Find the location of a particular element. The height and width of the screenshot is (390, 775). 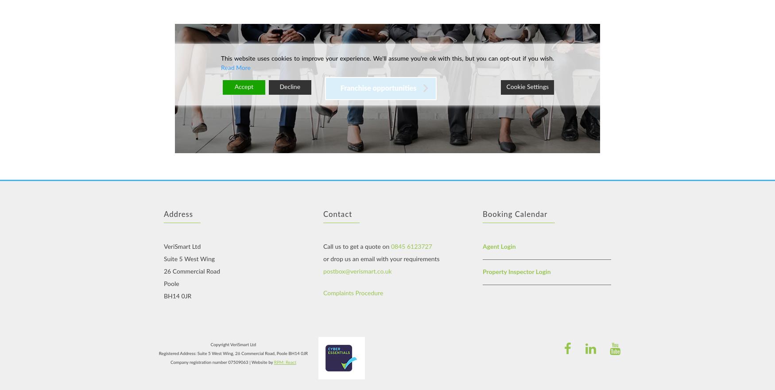

'Contact' is located at coordinates (323, 213).